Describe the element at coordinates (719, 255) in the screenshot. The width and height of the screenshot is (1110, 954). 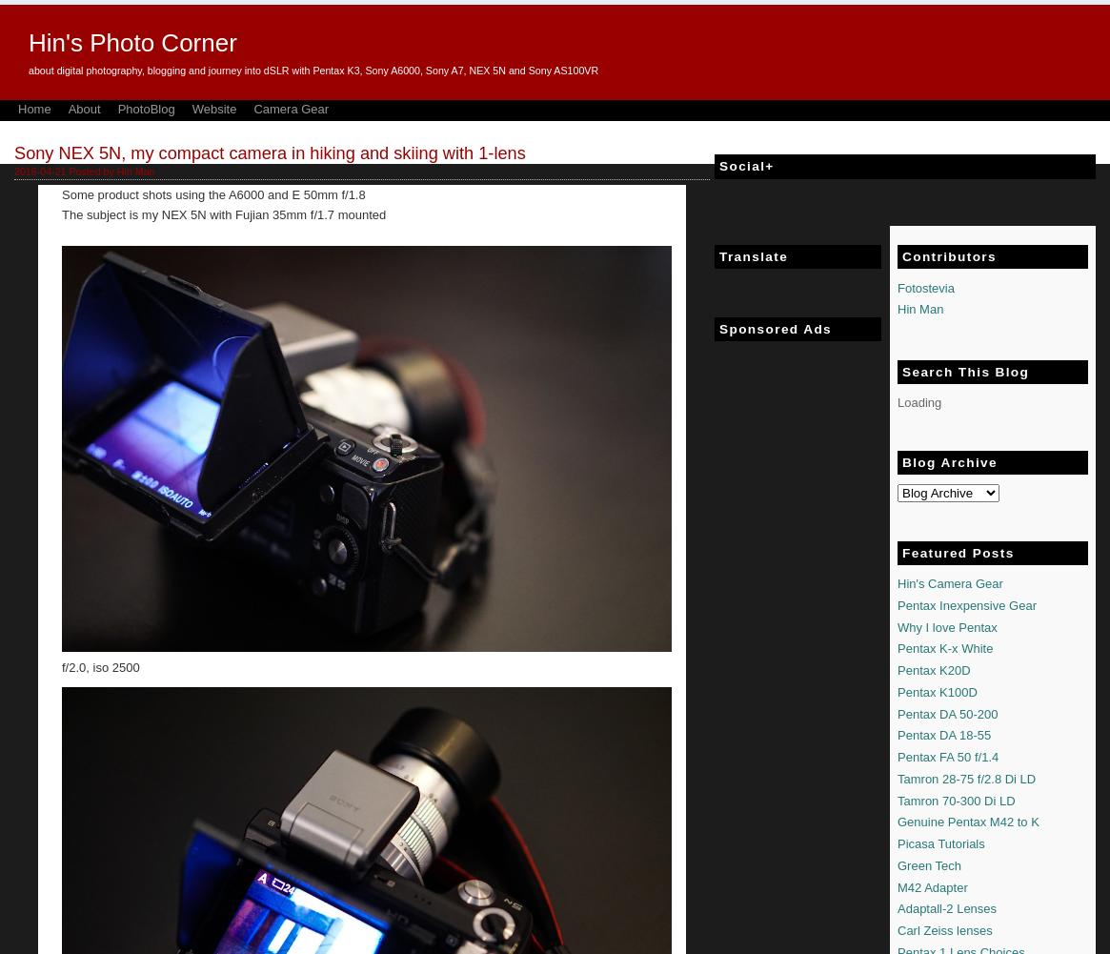
I see `'Translate'` at that location.